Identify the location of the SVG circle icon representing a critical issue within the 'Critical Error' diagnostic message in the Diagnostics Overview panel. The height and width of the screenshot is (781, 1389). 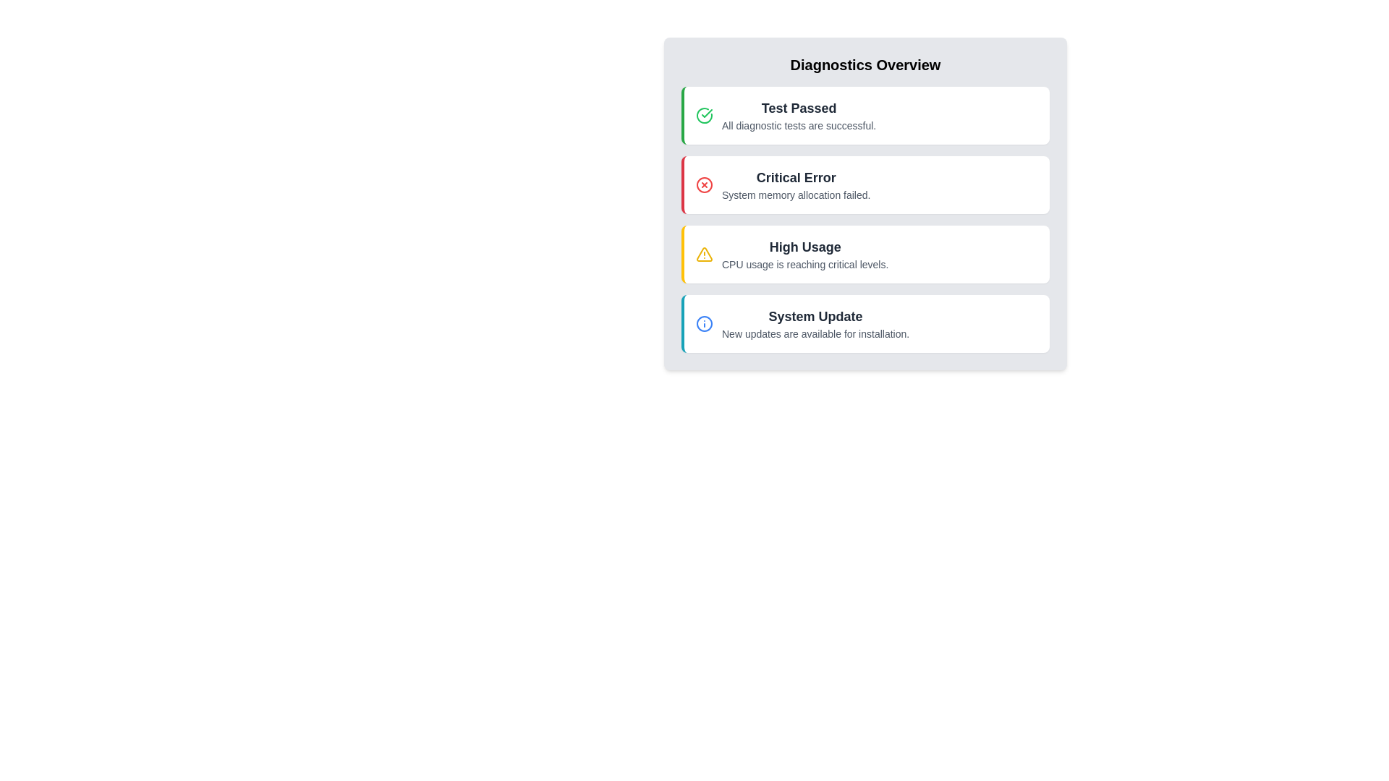
(705, 184).